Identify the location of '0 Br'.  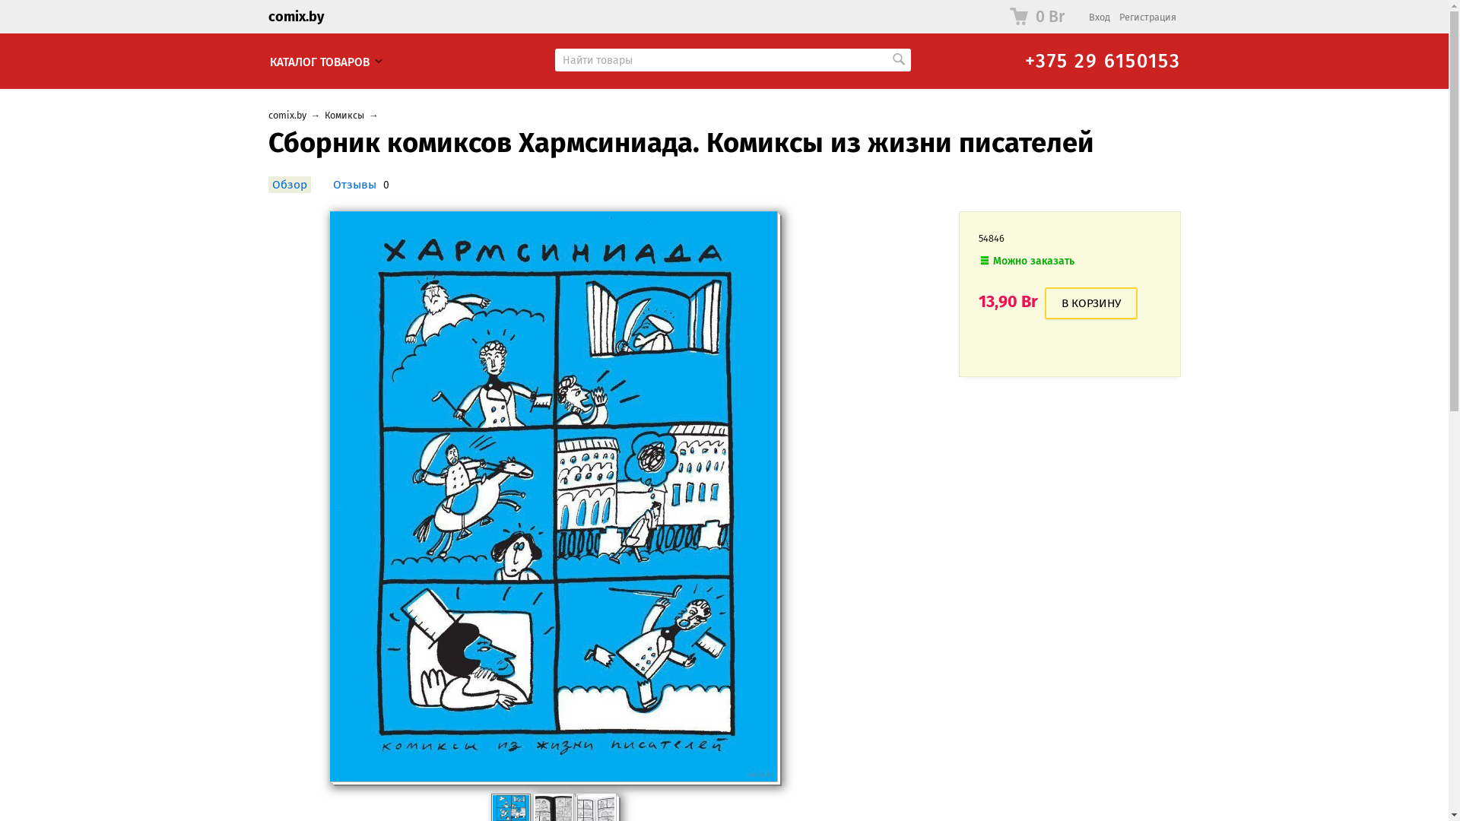
(999, 17).